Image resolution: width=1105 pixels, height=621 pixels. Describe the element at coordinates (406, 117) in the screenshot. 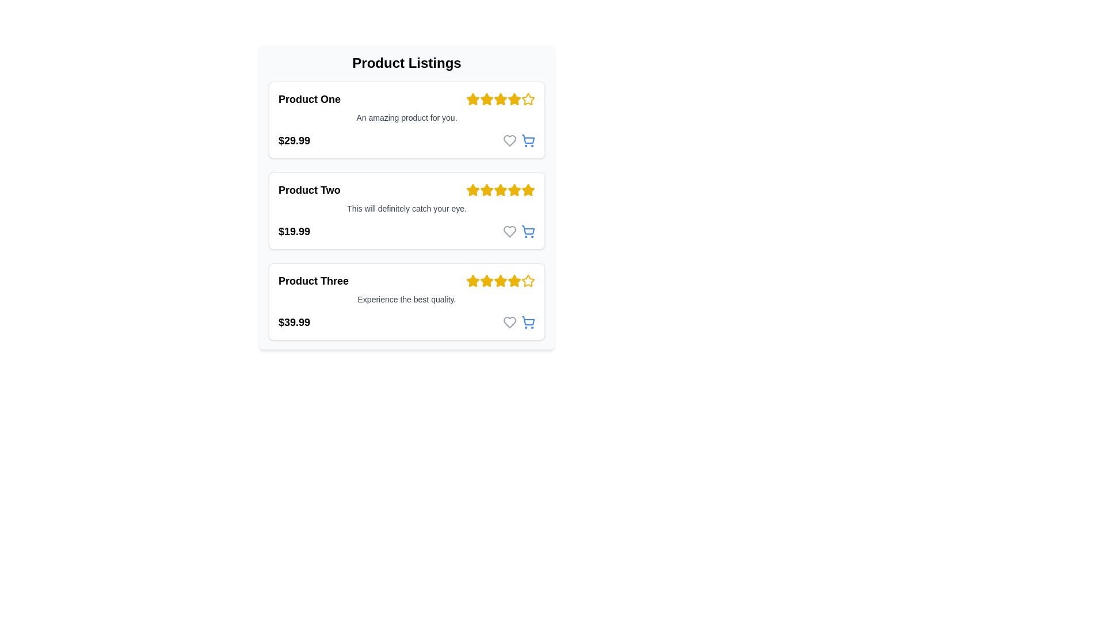

I see `text displayed on the Text Label located in the card for 'Product One', which is centered horizontally below the product title and above the price section` at that location.